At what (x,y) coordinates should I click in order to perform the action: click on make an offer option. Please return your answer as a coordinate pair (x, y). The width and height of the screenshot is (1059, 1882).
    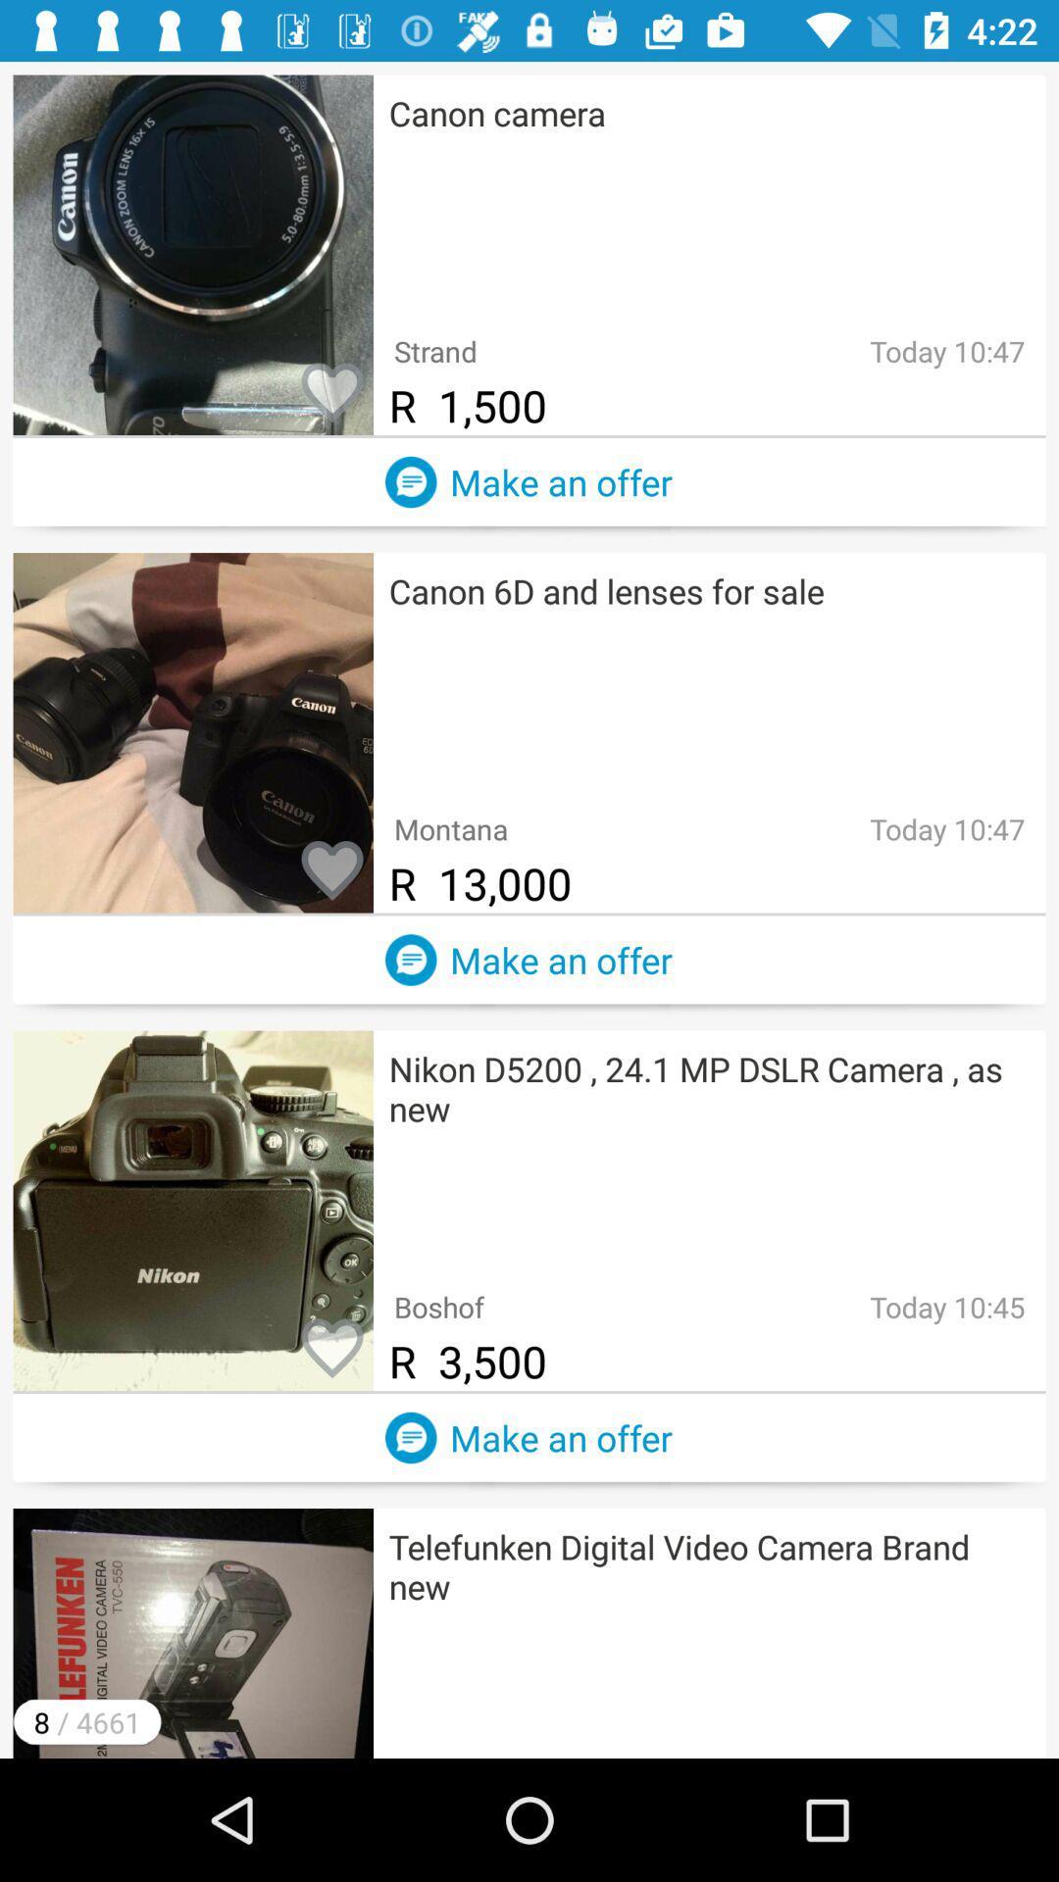
    Looking at the image, I should click on (410, 1438).